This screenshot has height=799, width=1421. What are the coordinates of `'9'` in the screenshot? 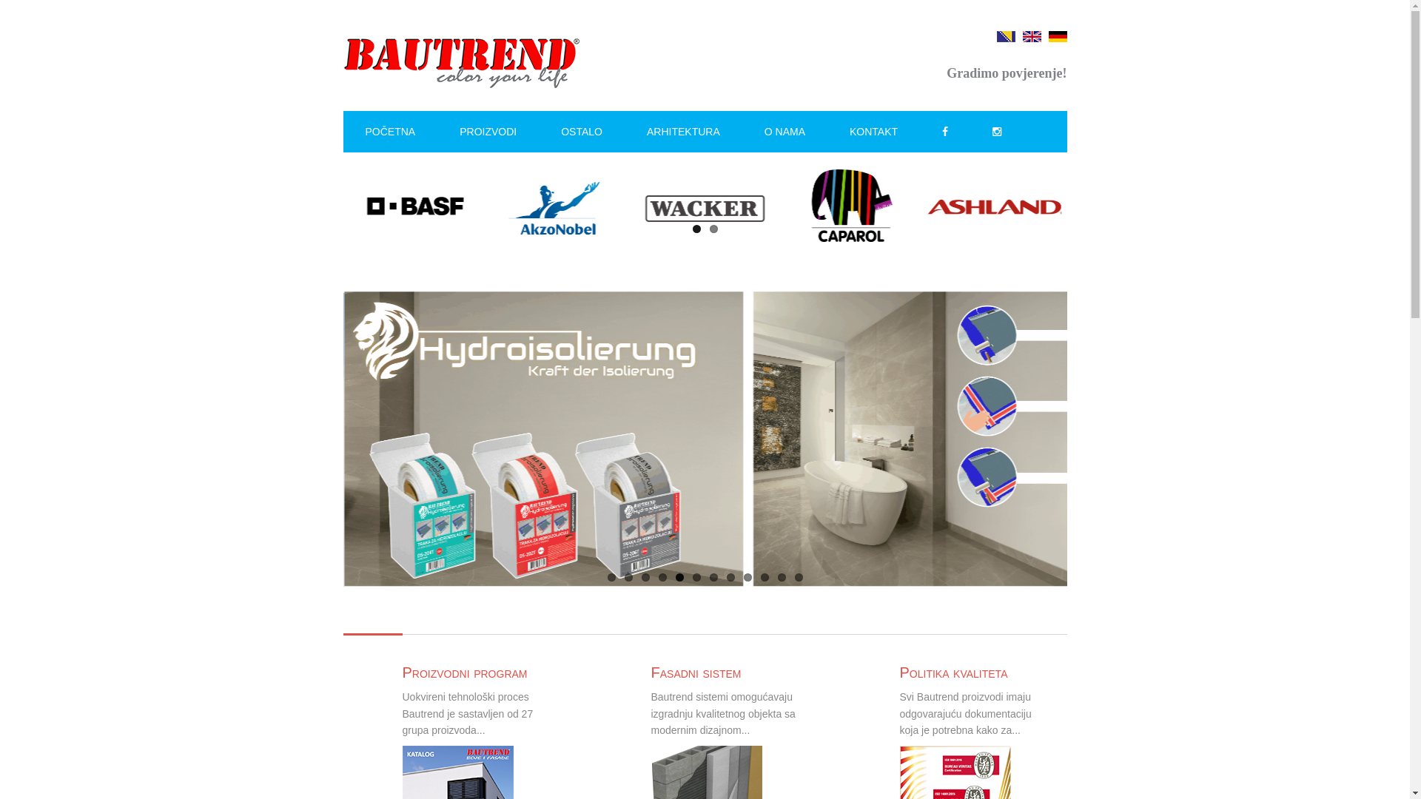 It's located at (747, 576).